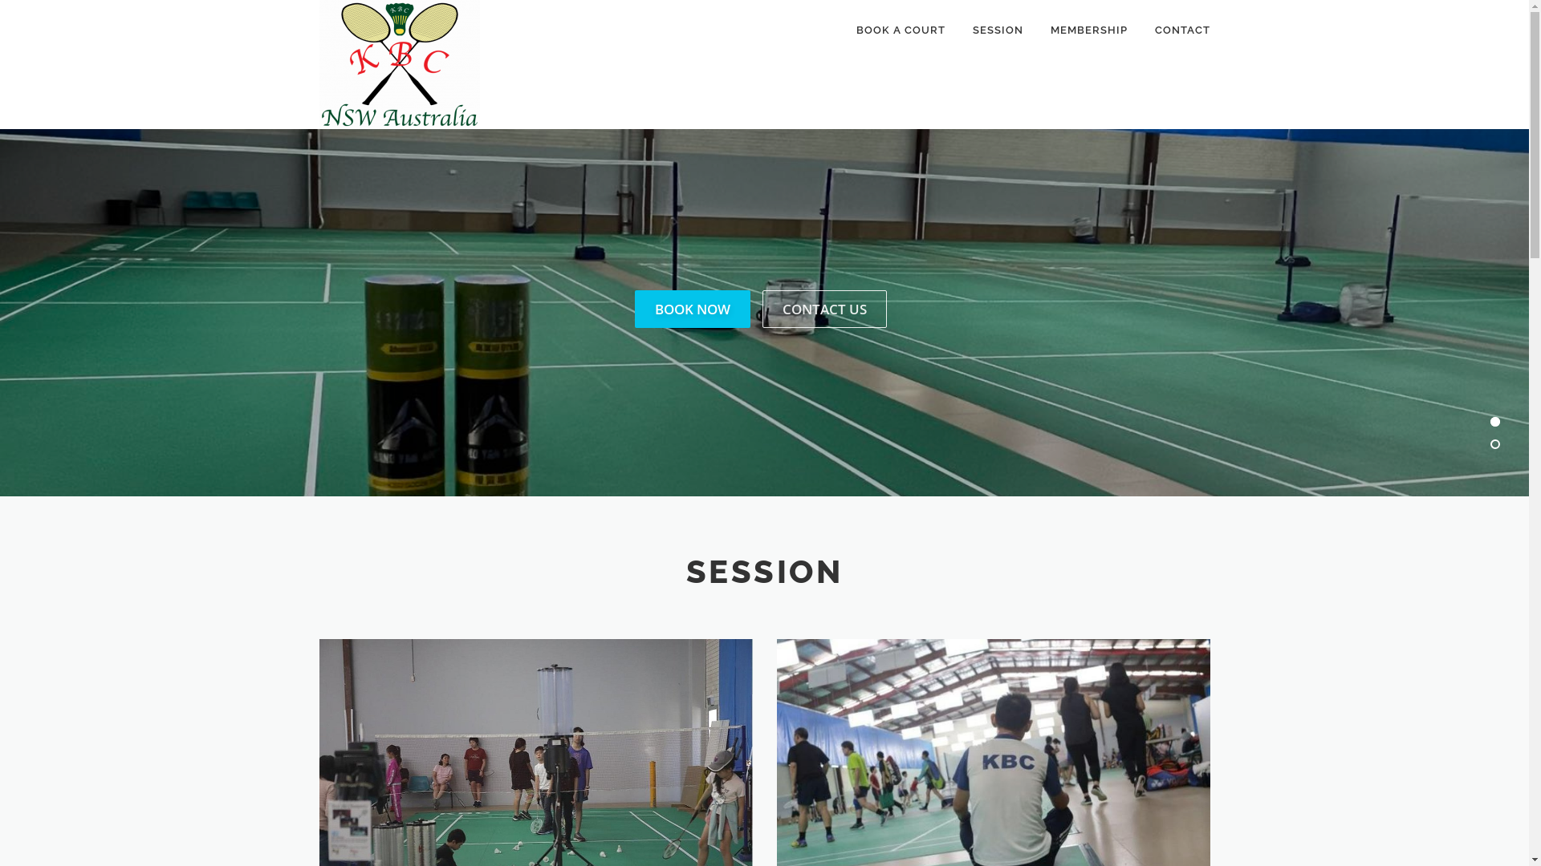  What do you see at coordinates (692, 309) in the screenshot?
I see `'BOOK NOW'` at bounding box center [692, 309].